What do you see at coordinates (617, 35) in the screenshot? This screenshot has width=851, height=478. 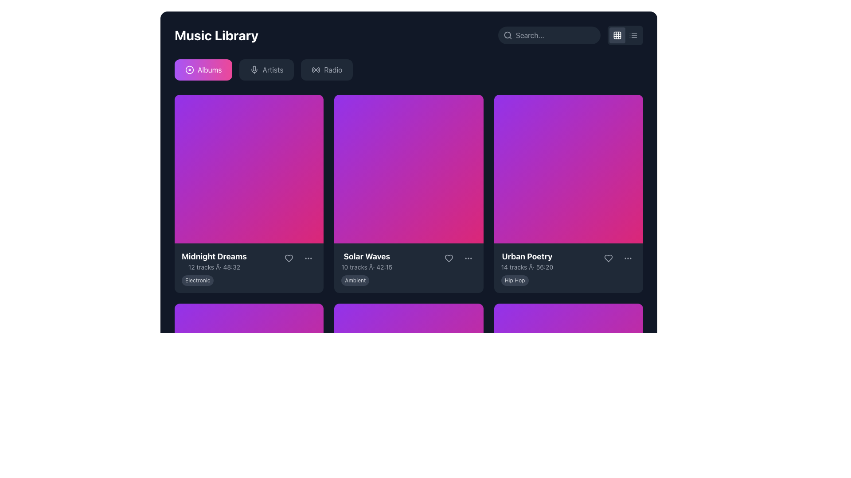 I see `the top-left rectangle of the 3x3 grid icon located in the top-right corner of the interface` at bounding box center [617, 35].